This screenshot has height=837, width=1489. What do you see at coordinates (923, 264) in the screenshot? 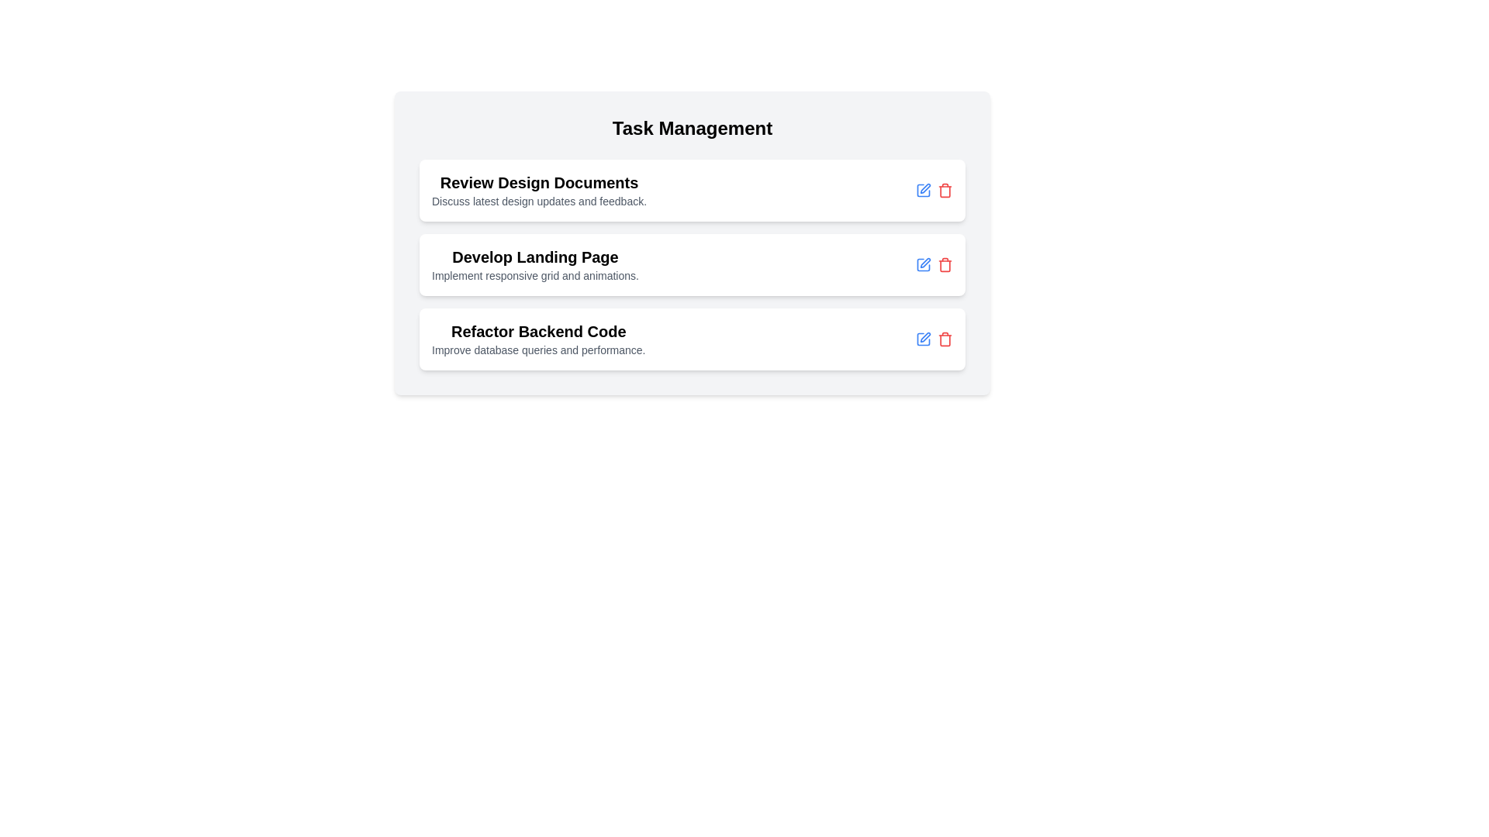
I see `the edit icon, which is a thin, rounded square with a geometric design, located within the third task item on the right side, near the delete icon` at bounding box center [923, 264].